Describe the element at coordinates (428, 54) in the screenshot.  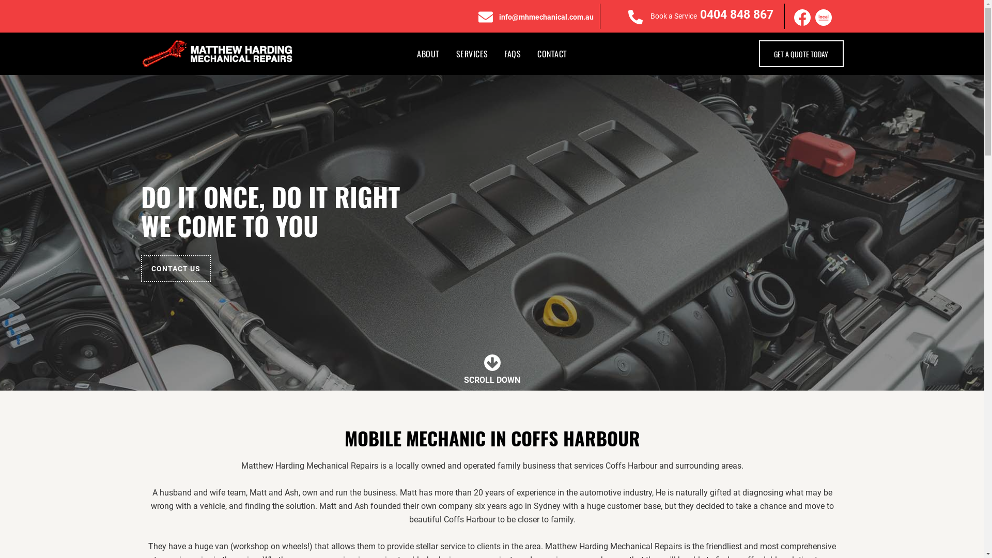
I see `'ABOUT'` at that location.